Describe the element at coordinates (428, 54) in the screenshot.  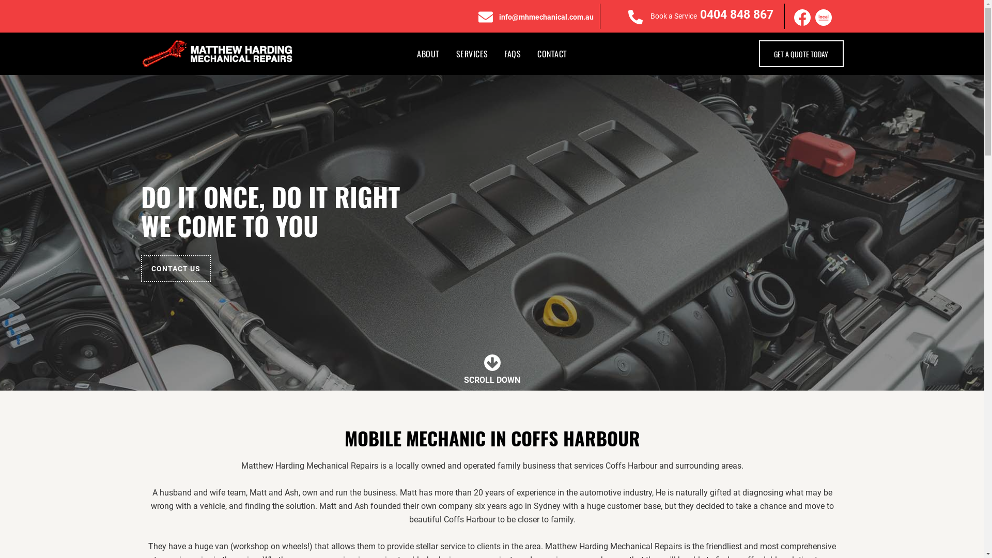
I see `'ABOUT'` at that location.